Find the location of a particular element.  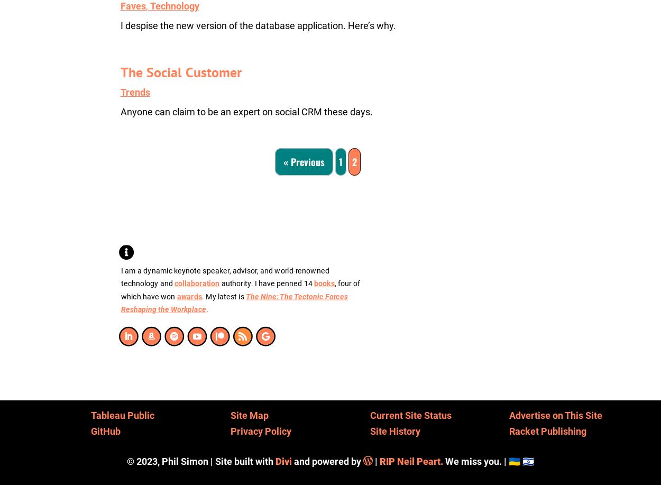

'1' is located at coordinates (341, 161).